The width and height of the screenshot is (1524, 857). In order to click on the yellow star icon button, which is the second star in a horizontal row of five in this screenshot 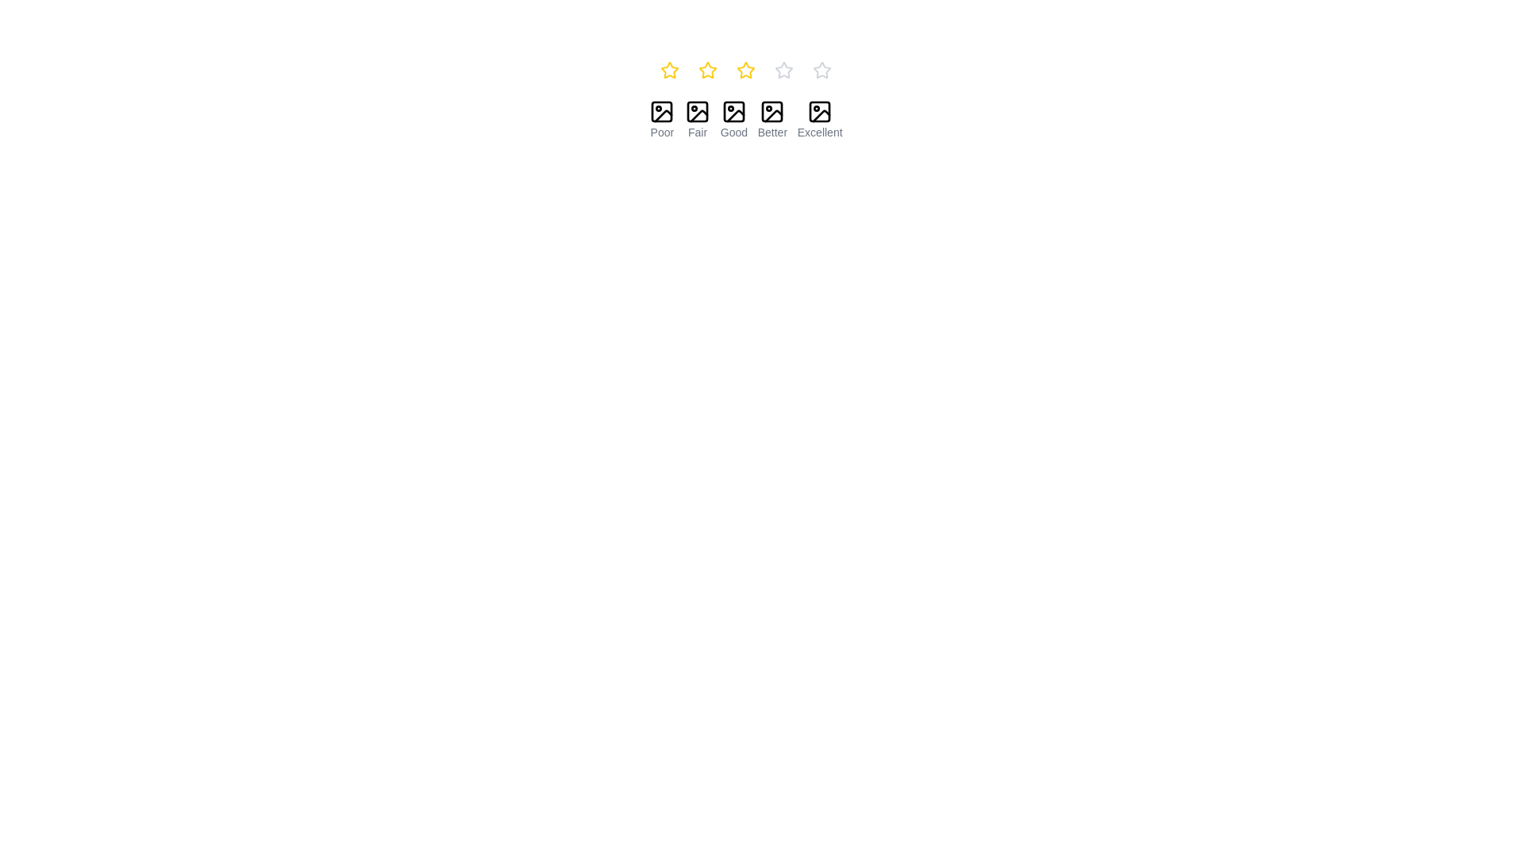, I will do `click(706, 69)`.